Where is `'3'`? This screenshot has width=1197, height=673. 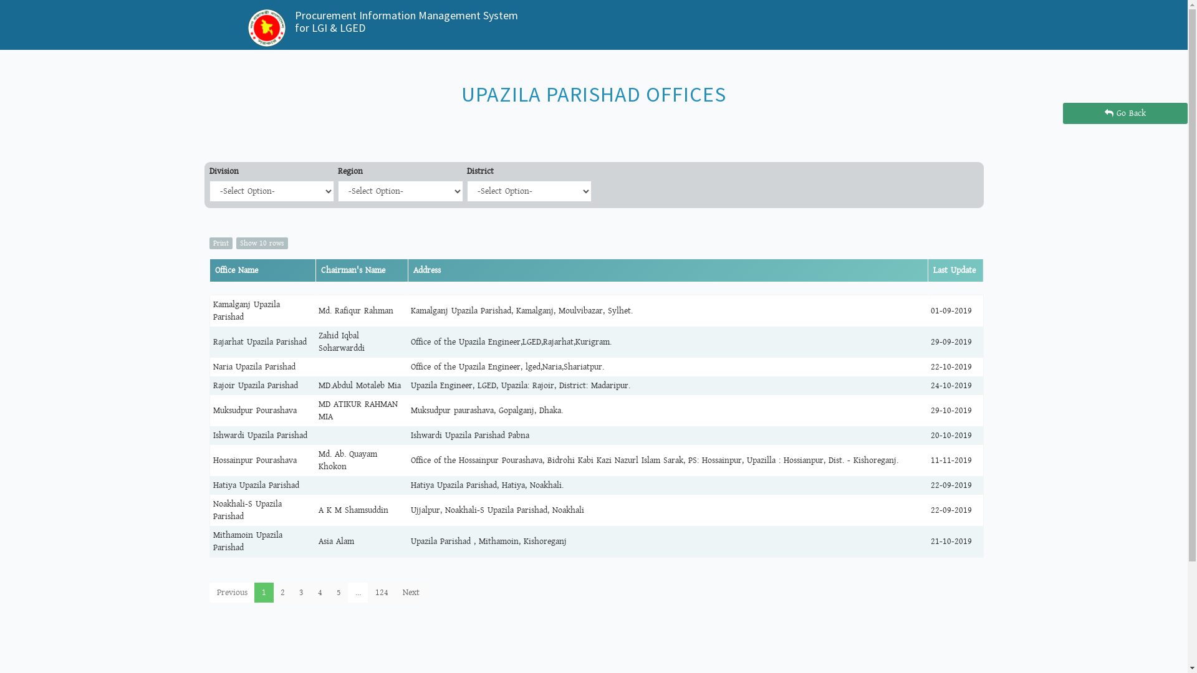
'3' is located at coordinates (301, 592).